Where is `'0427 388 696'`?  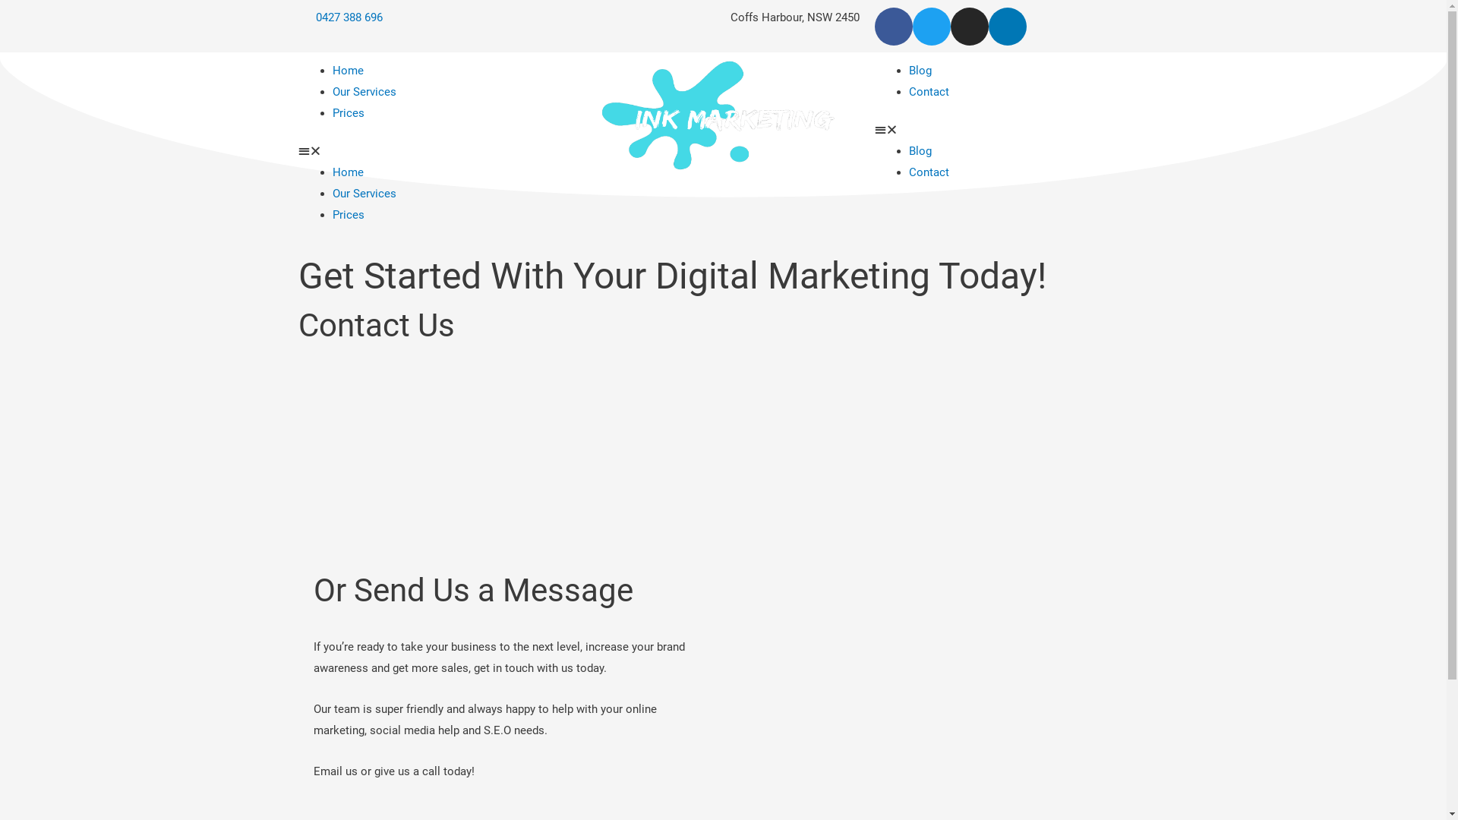
'0427 388 696' is located at coordinates (339, 17).